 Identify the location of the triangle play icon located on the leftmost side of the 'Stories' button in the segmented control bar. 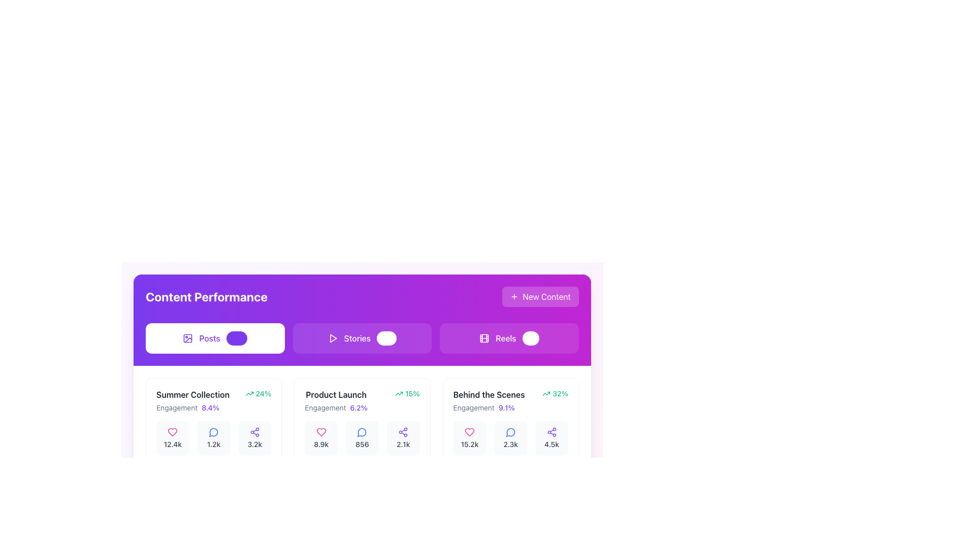
(333, 338).